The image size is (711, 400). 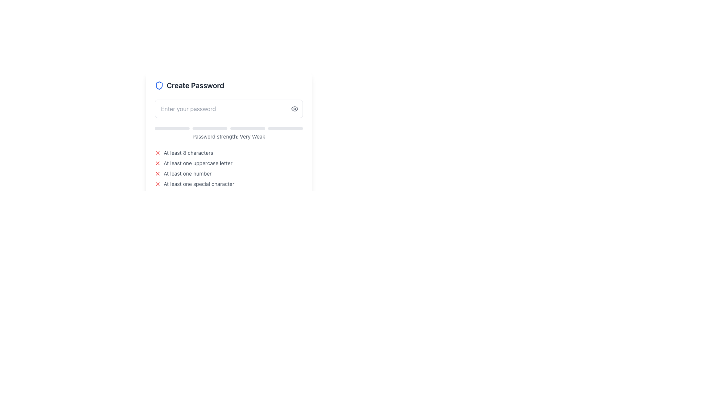 What do you see at coordinates (198, 163) in the screenshot?
I see `text from the Text Label displaying 'At least one uppercase letter', which is the second item in the password criteria list` at bounding box center [198, 163].